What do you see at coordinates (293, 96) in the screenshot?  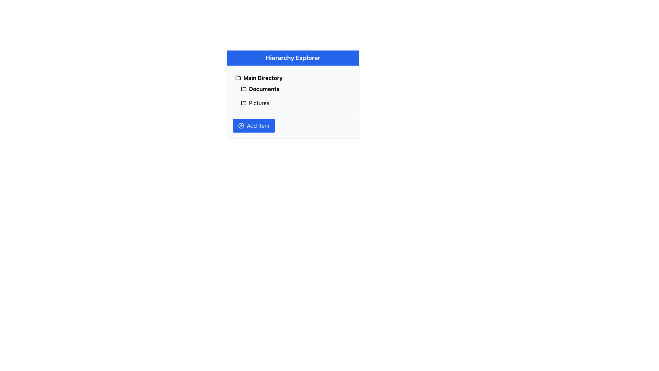 I see `the second item in the Hierarchy Explorer titled 'Main Directory'` at bounding box center [293, 96].